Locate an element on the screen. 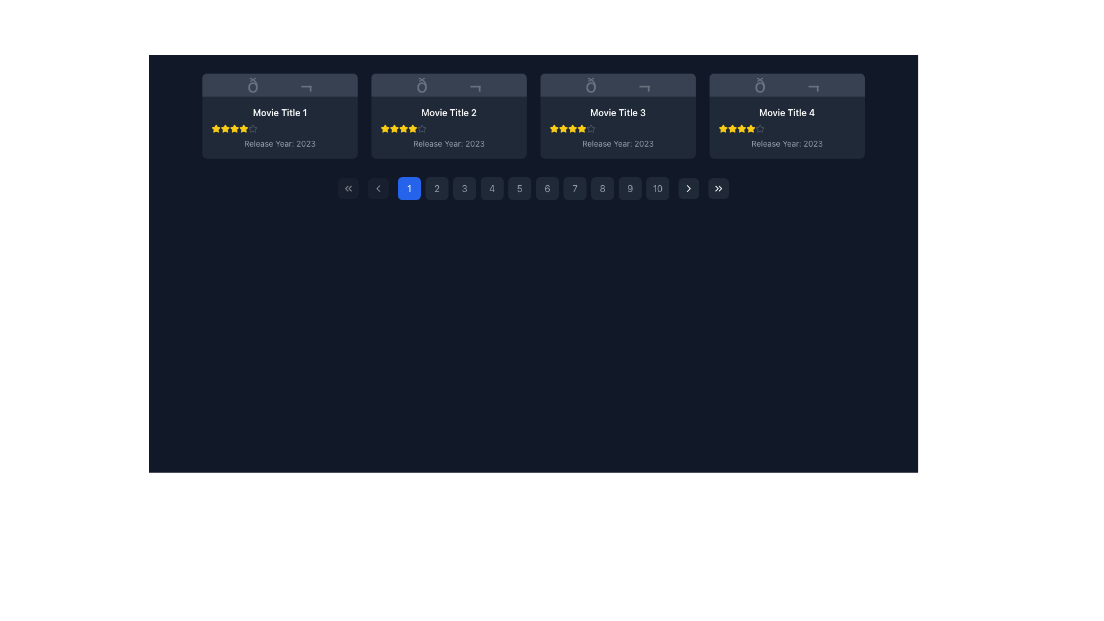 The image size is (1104, 621). rating value from the rating indicator consisting of five star icons, where the first four stars are yellow and the fifth star is gray, located beneath the title 'Movie Title 2' is located at coordinates (448, 128).